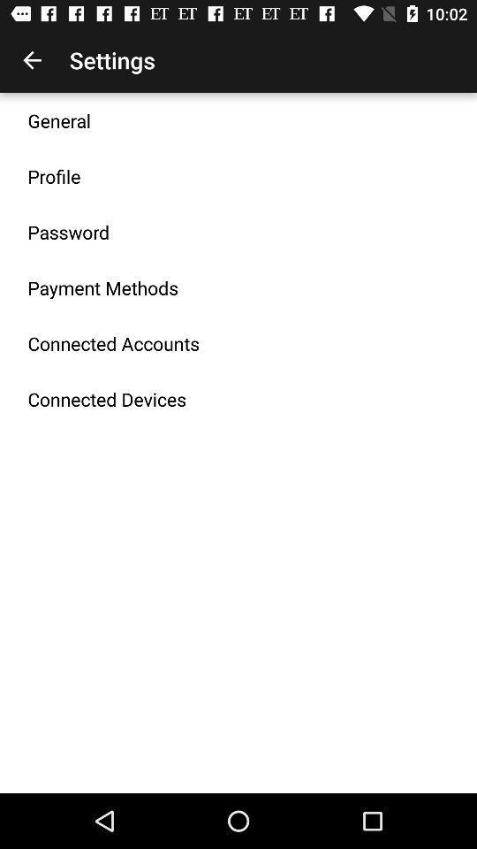 The image size is (477, 849). Describe the element at coordinates (102, 287) in the screenshot. I see `the icon below the password icon` at that location.